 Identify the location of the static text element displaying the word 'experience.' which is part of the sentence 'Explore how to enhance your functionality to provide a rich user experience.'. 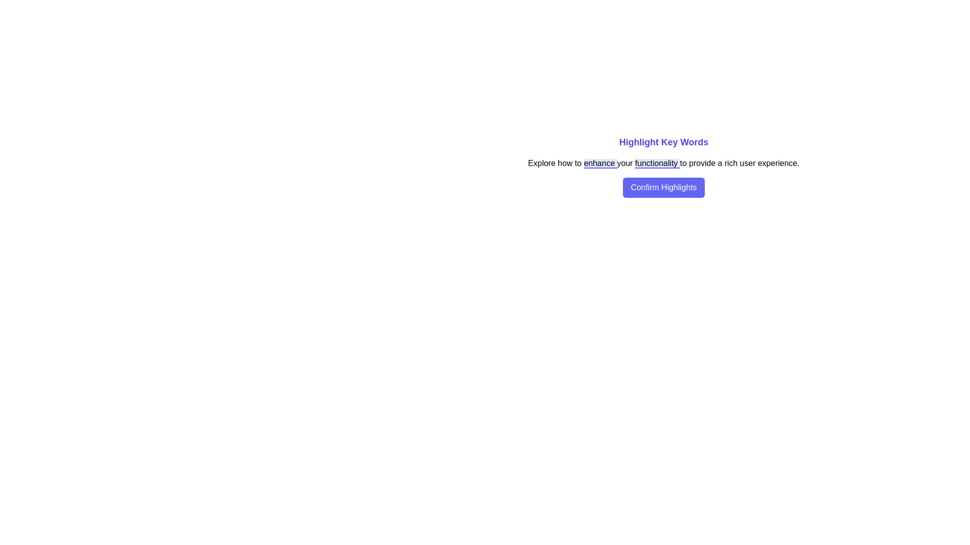
(778, 163).